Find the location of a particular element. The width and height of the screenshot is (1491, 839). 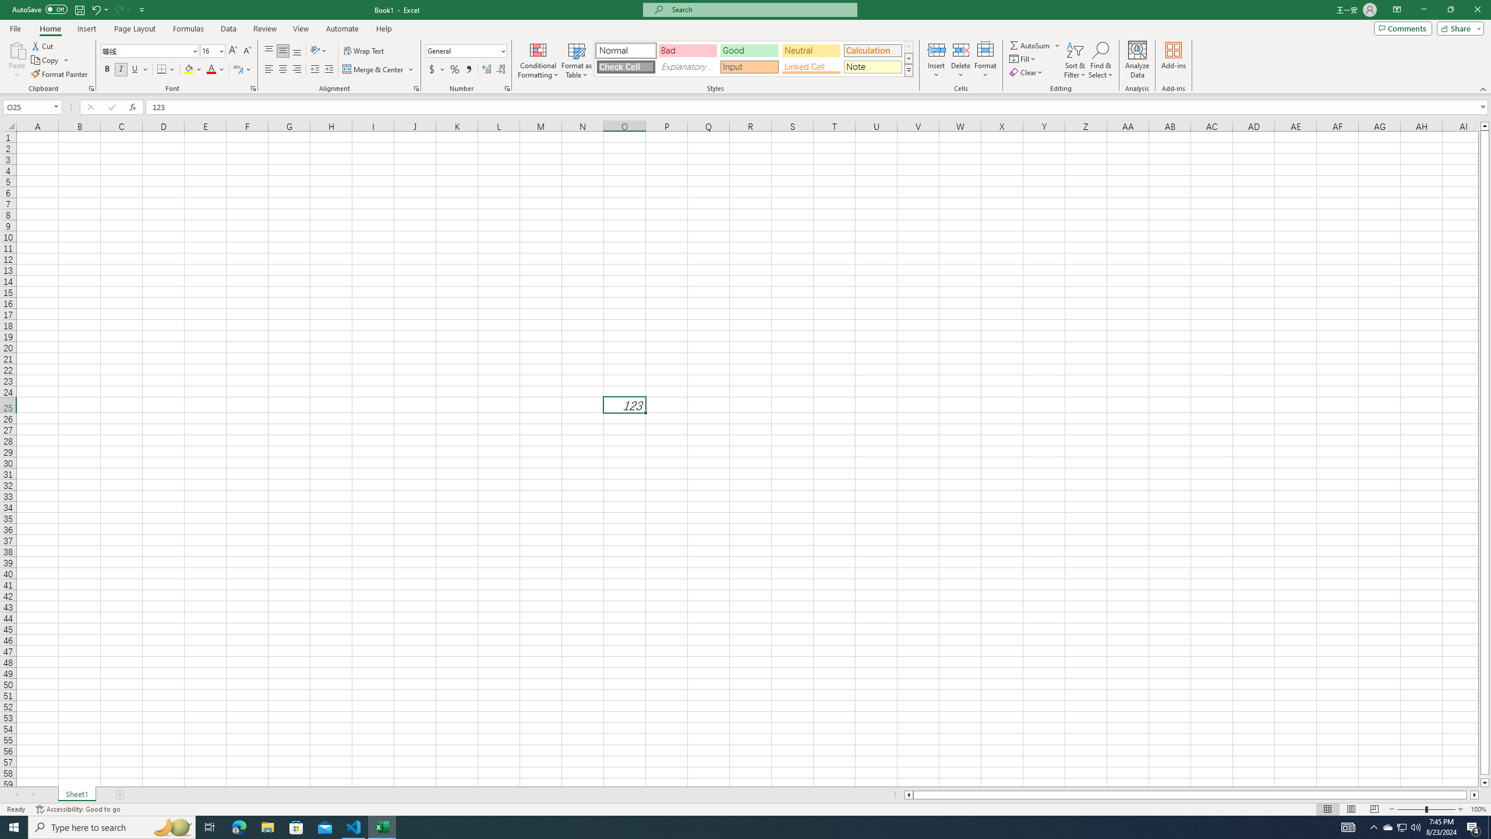

'Zoom In' is located at coordinates (1460, 809).